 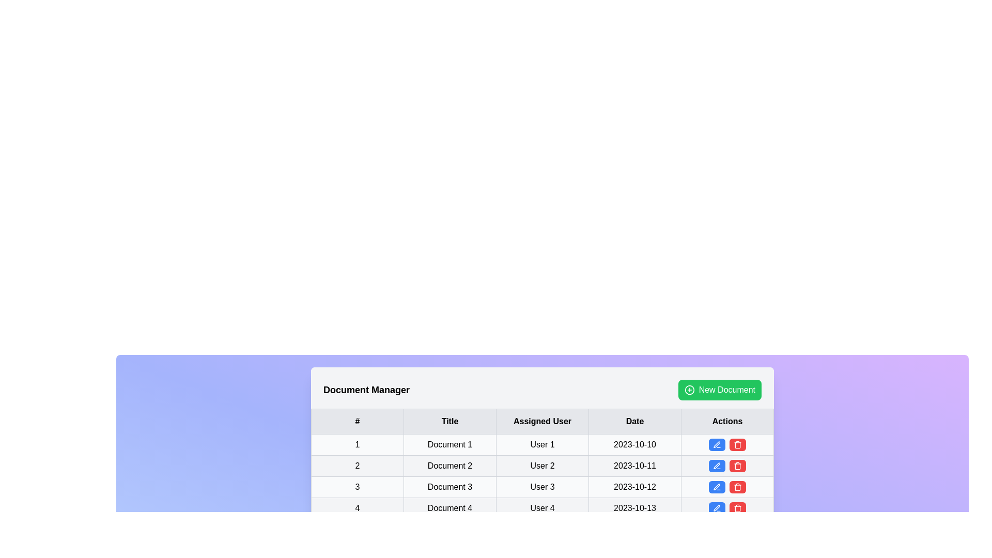 What do you see at coordinates (716, 466) in the screenshot?
I see `the edit icon, which resembles a pen or pencil, located within the blue button in the 'Actions' column of the second row corresponding to 'Document 2'` at bounding box center [716, 466].